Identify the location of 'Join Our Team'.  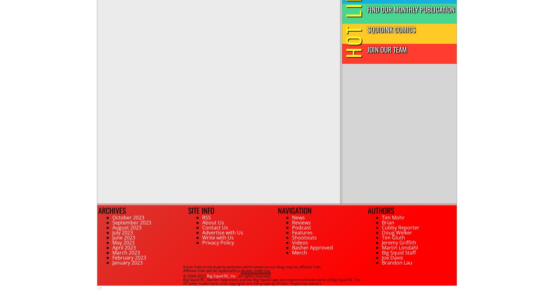
(387, 49).